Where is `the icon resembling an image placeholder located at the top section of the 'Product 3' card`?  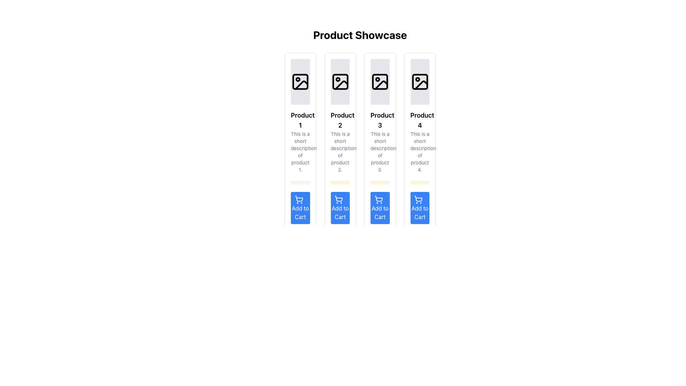
the icon resembling an image placeholder located at the top section of the 'Product 3' card is located at coordinates (379, 81).